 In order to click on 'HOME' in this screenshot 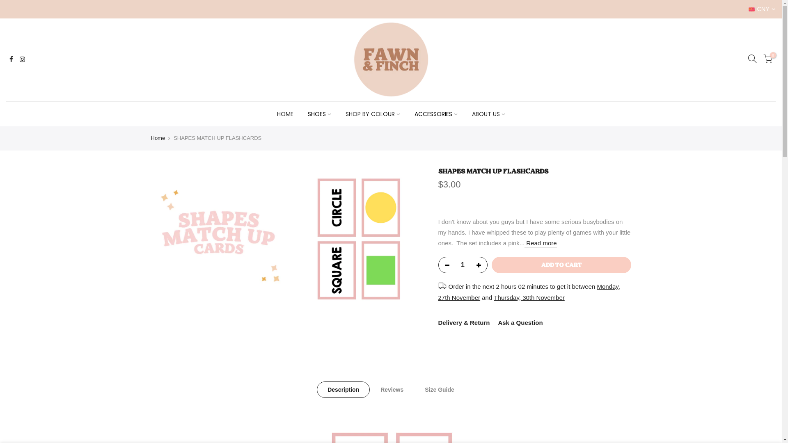, I will do `click(270, 114)`.